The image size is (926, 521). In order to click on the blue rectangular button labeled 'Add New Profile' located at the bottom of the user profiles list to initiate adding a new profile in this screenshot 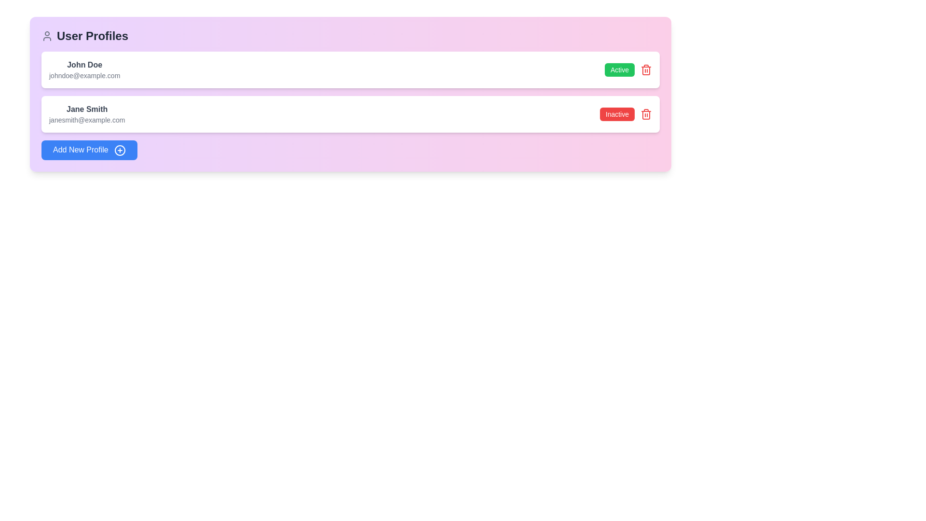, I will do `click(89, 150)`.